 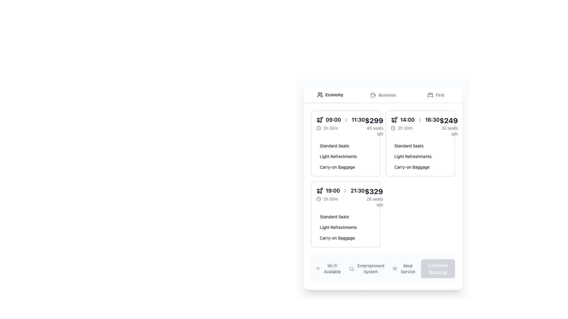 I want to click on the rectangular card displaying flight details, including departure and arrival times, duration, cost, and available seats, positioned in the middle column beneath the flight options and above the 'Continue Booking' button, so click(x=420, y=144).